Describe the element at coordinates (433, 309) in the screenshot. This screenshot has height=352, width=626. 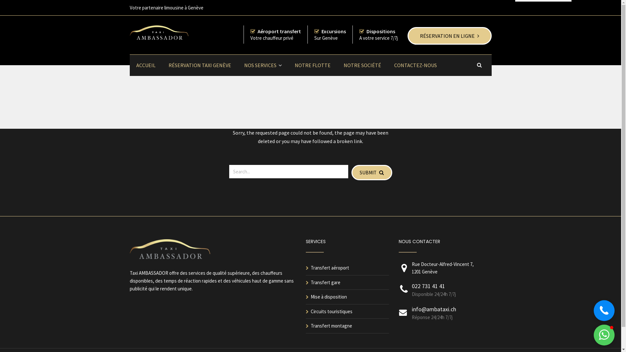
I see `'info@ambataxi.ch'` at that location.